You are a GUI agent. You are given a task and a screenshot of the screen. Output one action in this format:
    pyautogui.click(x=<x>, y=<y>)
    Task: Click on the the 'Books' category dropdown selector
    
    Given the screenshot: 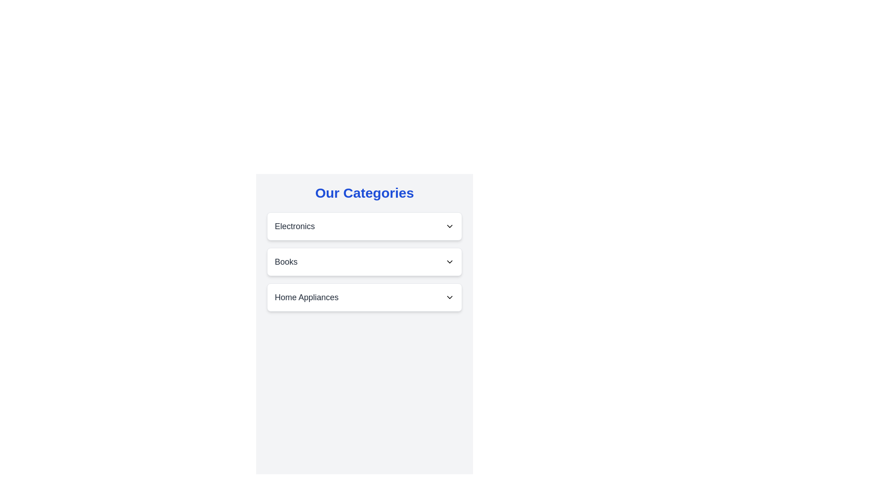 What is the action you would take?
    pyautogui.click(x=365, y=261)
    